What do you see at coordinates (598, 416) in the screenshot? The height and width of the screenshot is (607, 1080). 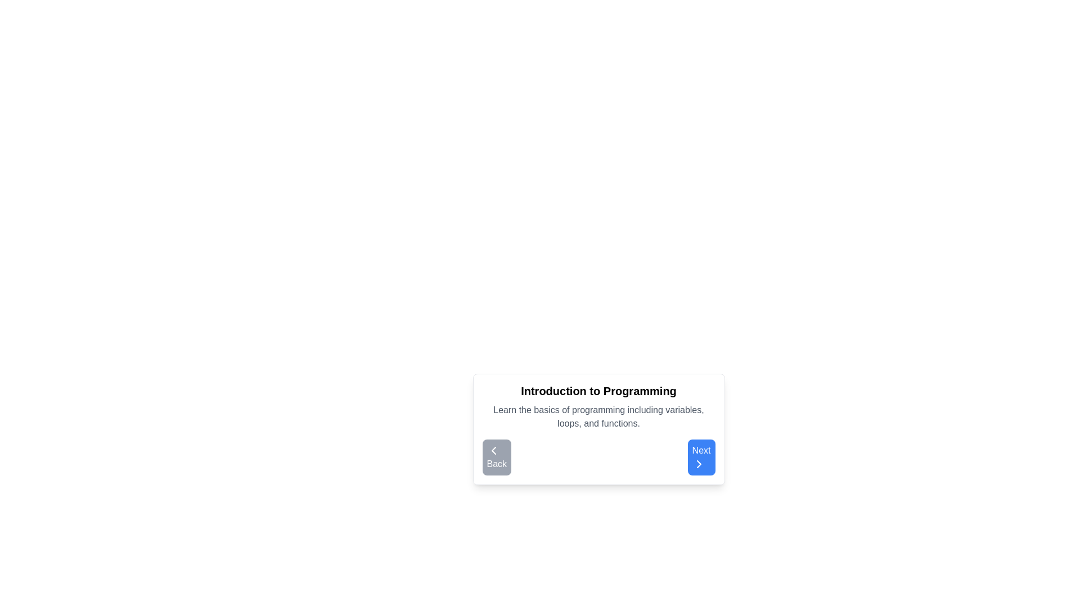 I see `the informational text block displaying 'Learn the basics of programming including variables, loops, and functions.' to potentially reveal additional information` at bounding box center [598, 416].